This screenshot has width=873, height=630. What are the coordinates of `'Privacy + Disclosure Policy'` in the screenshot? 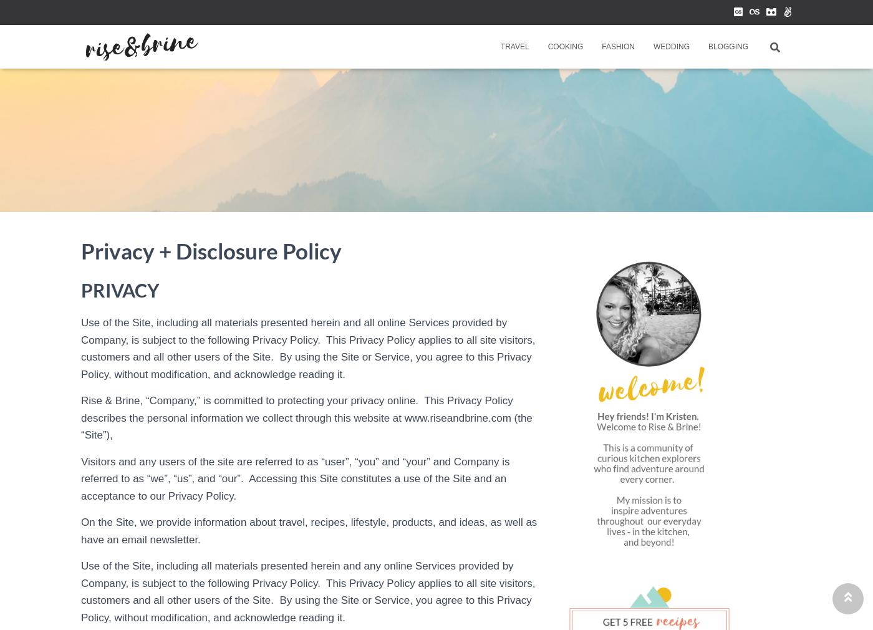 It's located at (211, 250).